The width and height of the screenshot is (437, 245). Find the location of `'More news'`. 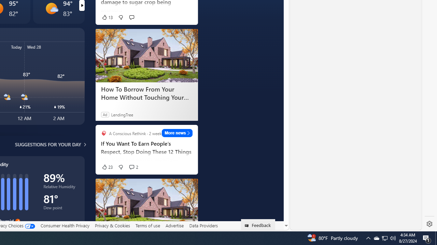

'More news' is located at coordinates (177, 133).